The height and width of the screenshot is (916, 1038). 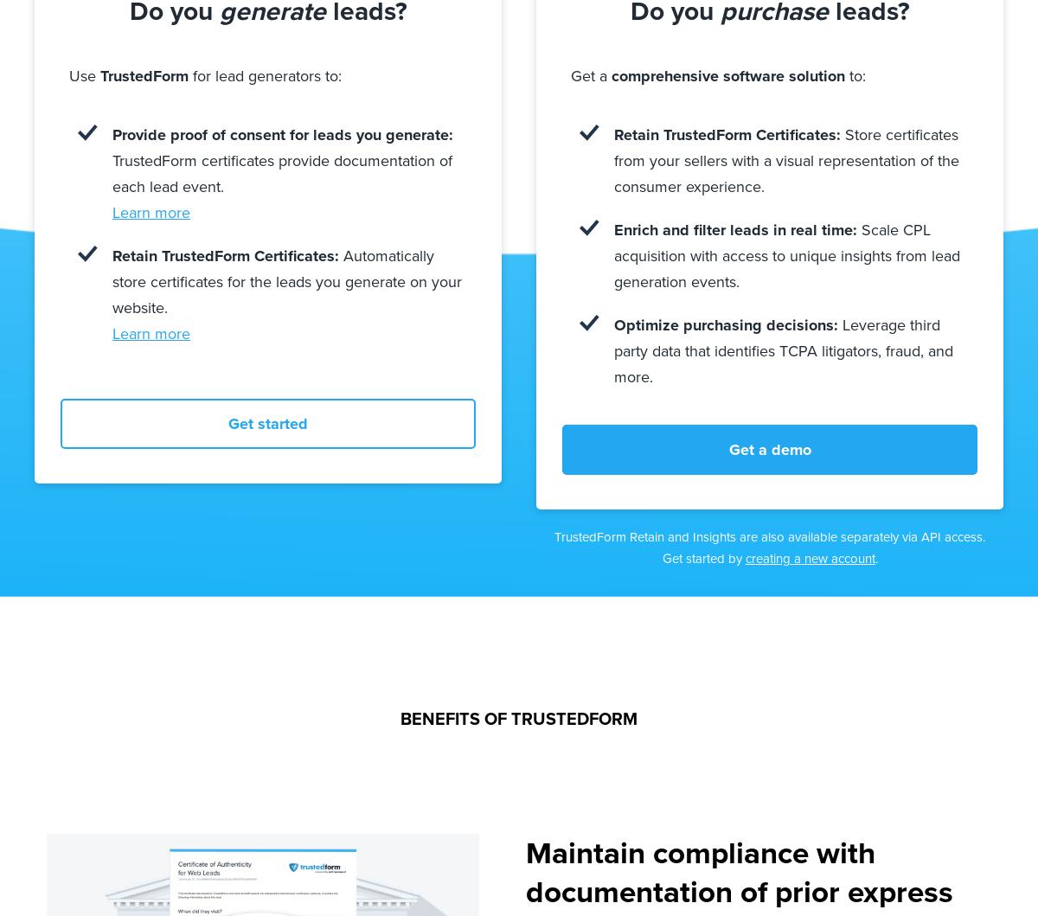 I want to click on 'Provide proof of consent for  leads you generate:', so click(x=283, y=133).